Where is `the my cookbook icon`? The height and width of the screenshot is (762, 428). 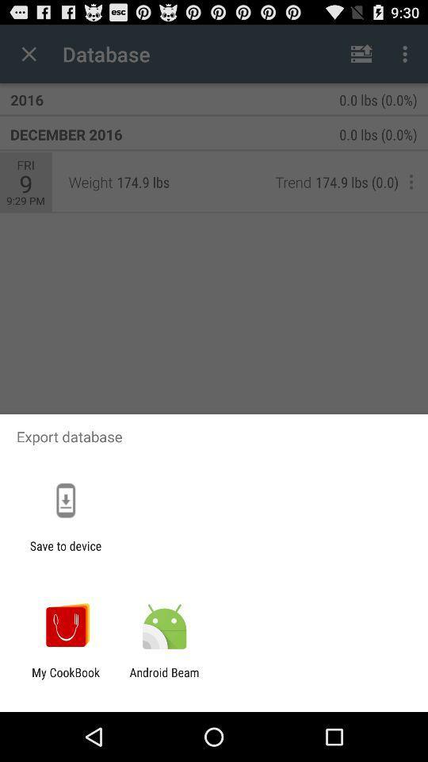 the my cookbook icon is located at coordinates (65, 679).